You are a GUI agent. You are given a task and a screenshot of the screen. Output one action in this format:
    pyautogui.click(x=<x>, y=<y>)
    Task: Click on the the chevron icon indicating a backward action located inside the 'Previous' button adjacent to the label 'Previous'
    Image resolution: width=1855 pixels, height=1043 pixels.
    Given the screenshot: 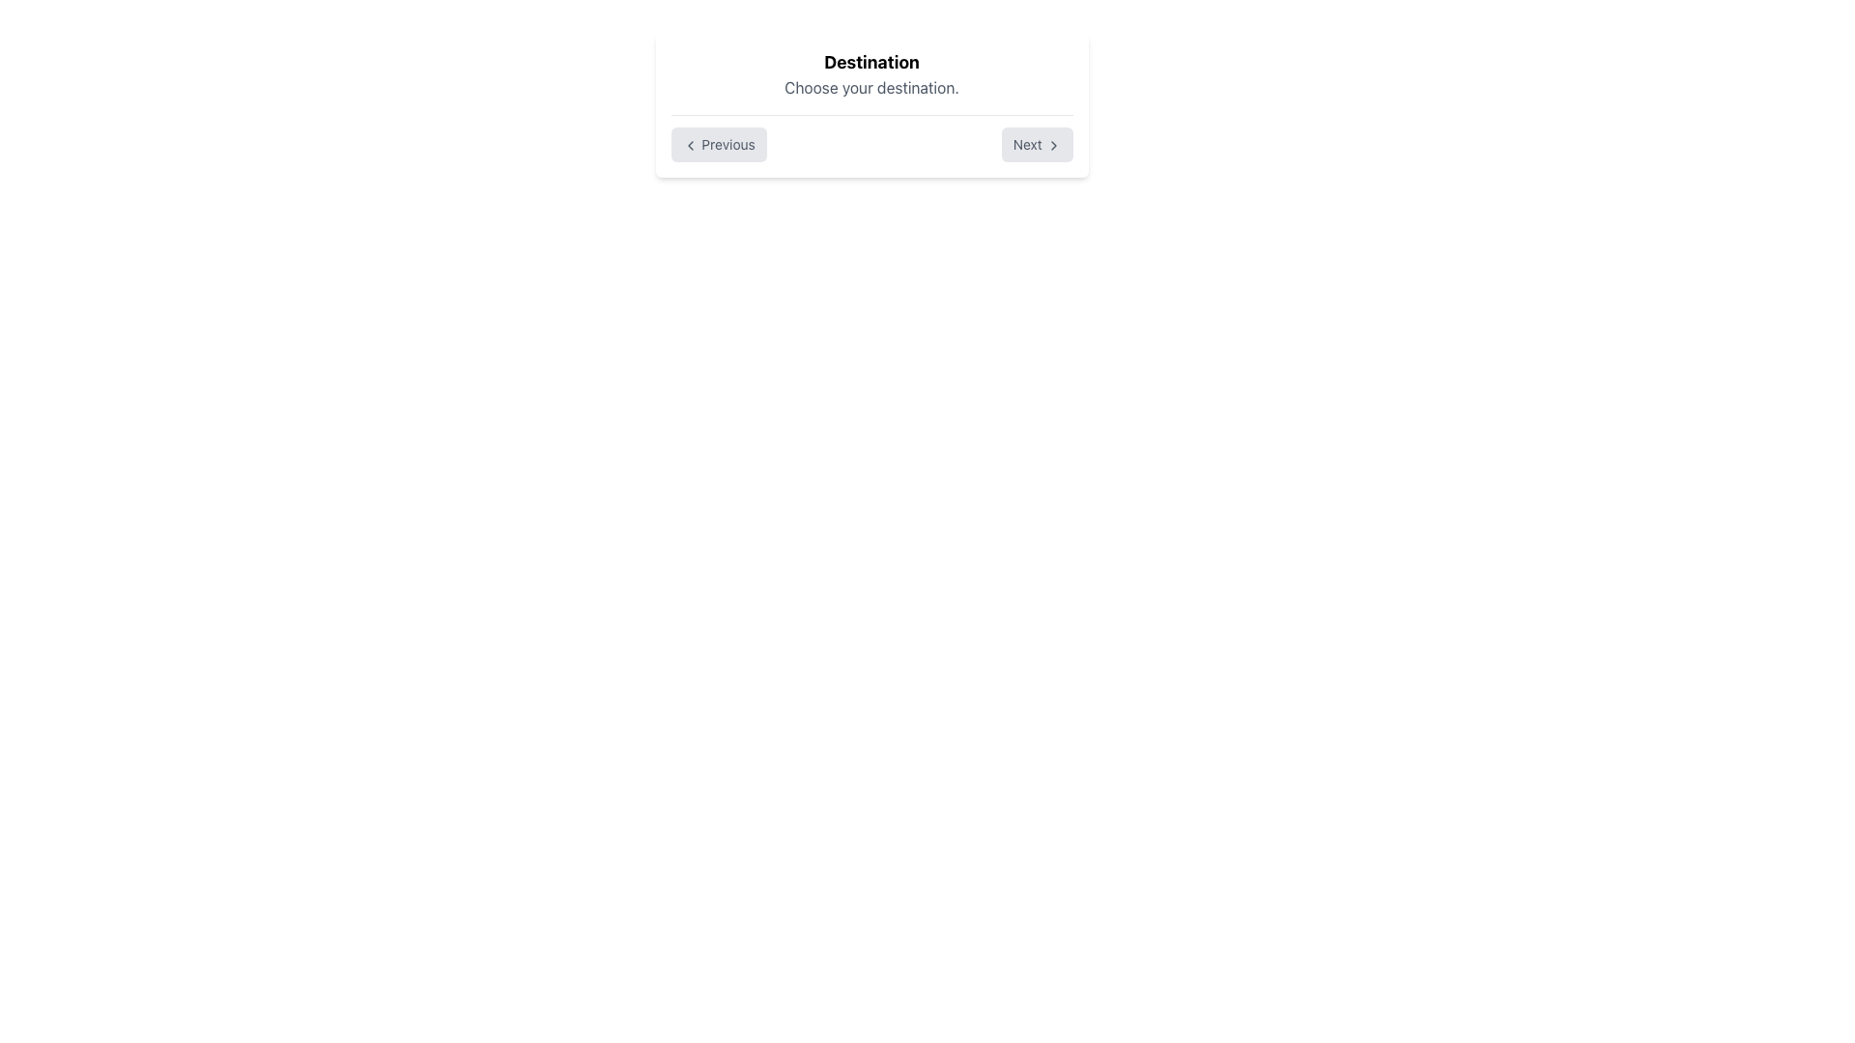 What is the action you would take?
    pyautogui.click(x=690, y=145)
    